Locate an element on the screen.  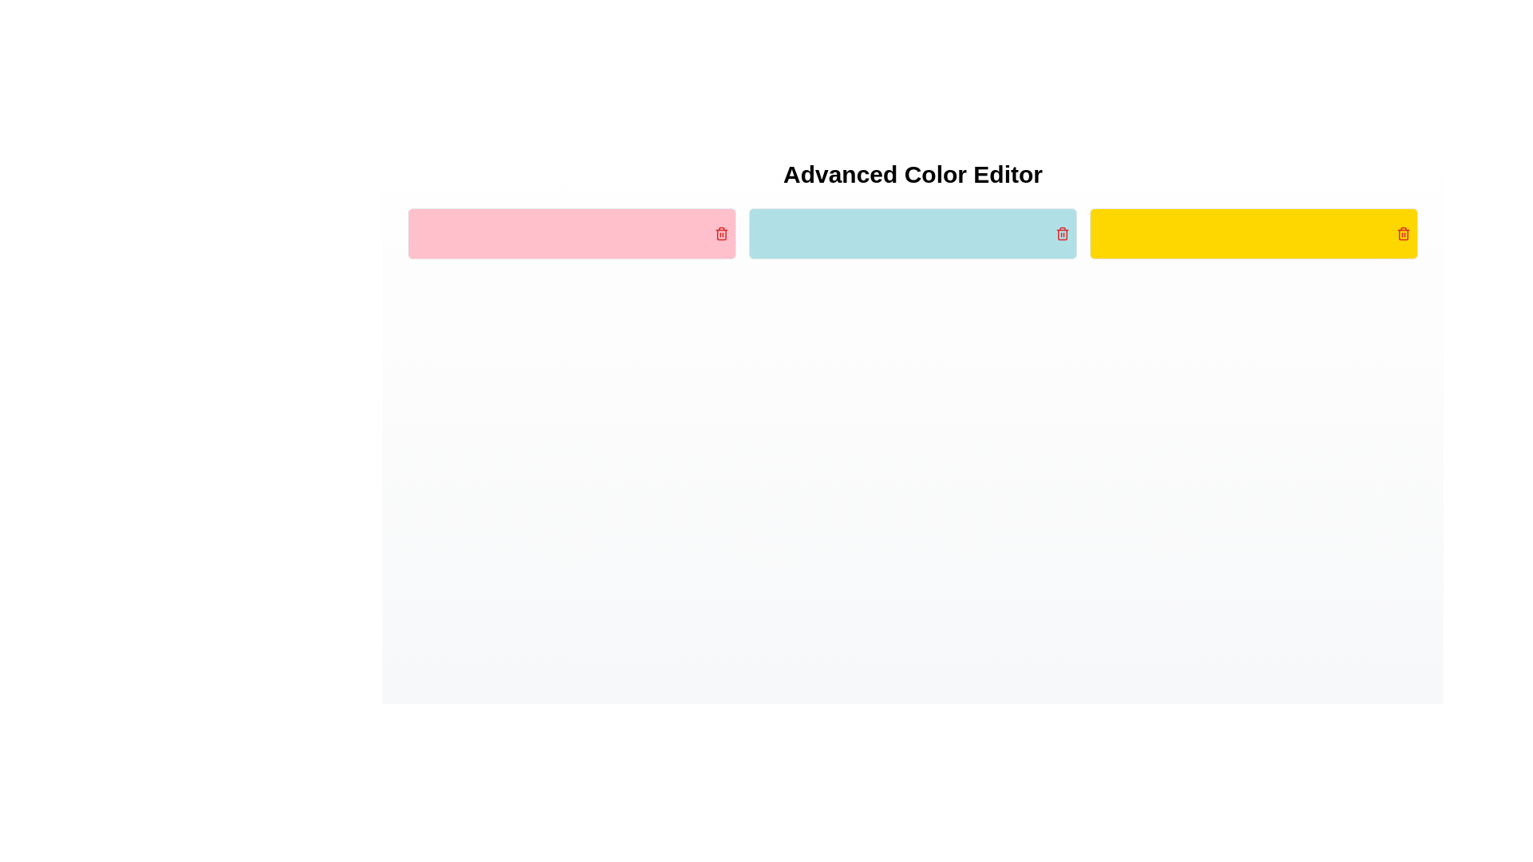
the trash bin icon located at the far right of a light blue rectangular area is located at coordinates (1062, 234).